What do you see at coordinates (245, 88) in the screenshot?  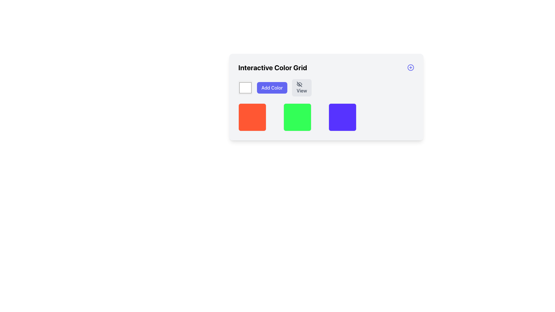 I see `the first element in the horizontal row of UI elements, which is the Color Picker` at bounding box center [245, 88].